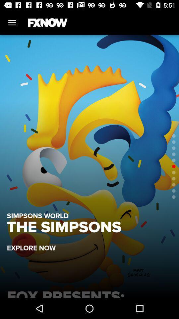 This screenshot has width=179, height=319. I want to click on item at the center, so click(89, 166).